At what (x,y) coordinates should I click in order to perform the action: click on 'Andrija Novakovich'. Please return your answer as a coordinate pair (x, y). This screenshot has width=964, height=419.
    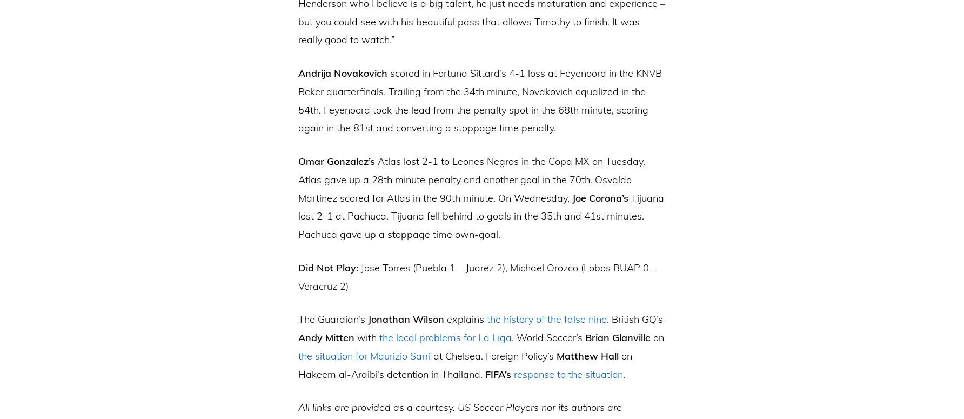
    Looking at the image, I should click on (342, 72).